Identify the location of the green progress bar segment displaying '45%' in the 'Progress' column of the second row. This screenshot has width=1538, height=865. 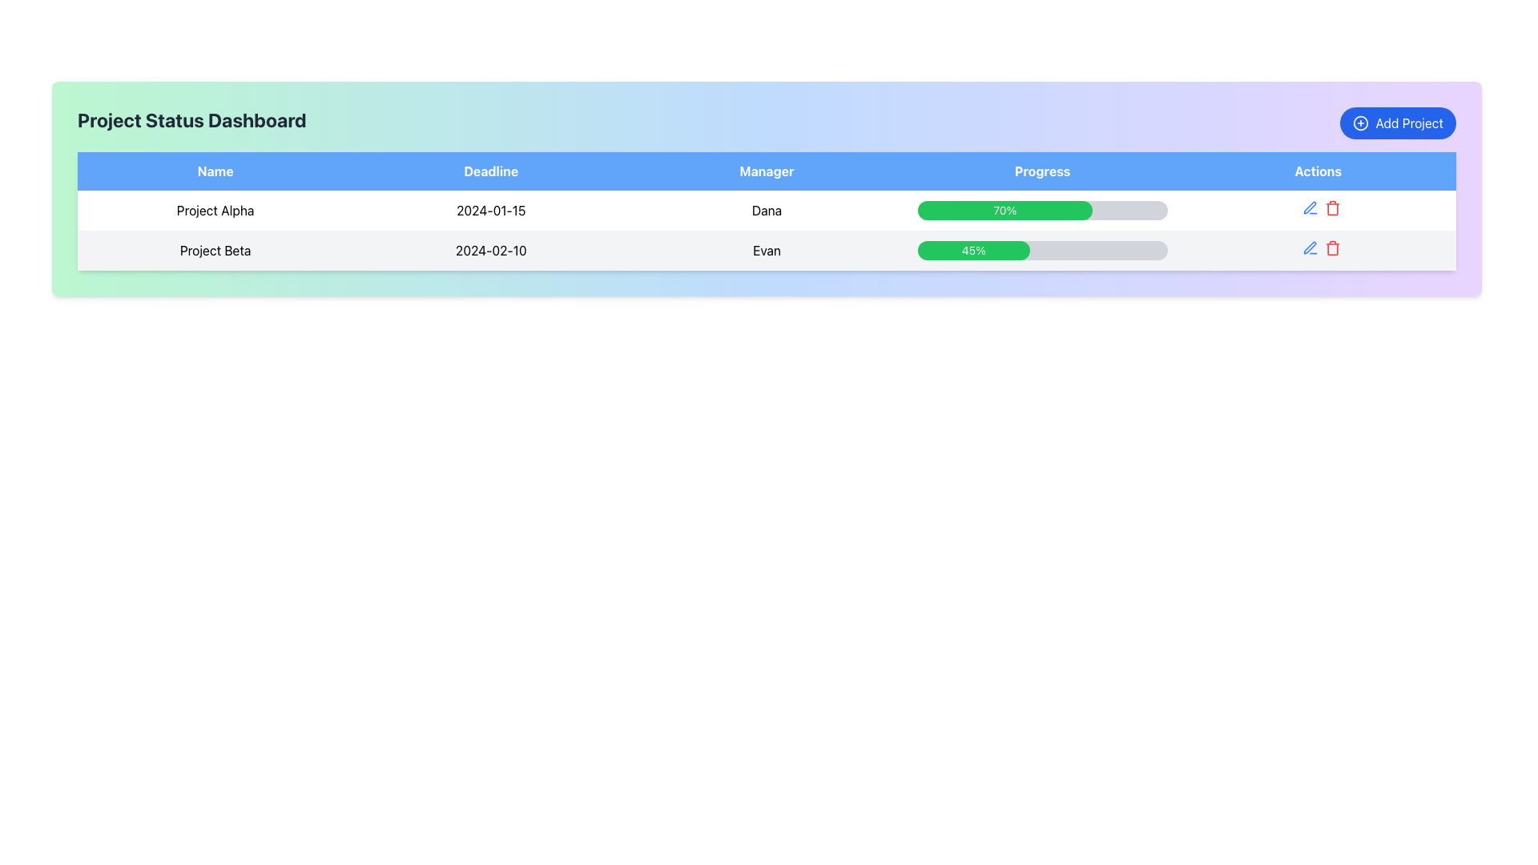
(972, 250).